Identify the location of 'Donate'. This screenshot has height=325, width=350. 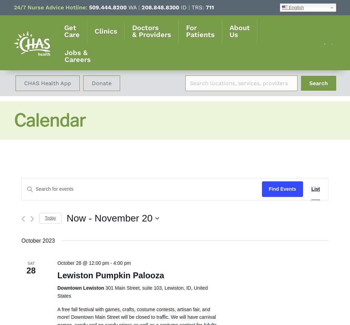
(101, 83).